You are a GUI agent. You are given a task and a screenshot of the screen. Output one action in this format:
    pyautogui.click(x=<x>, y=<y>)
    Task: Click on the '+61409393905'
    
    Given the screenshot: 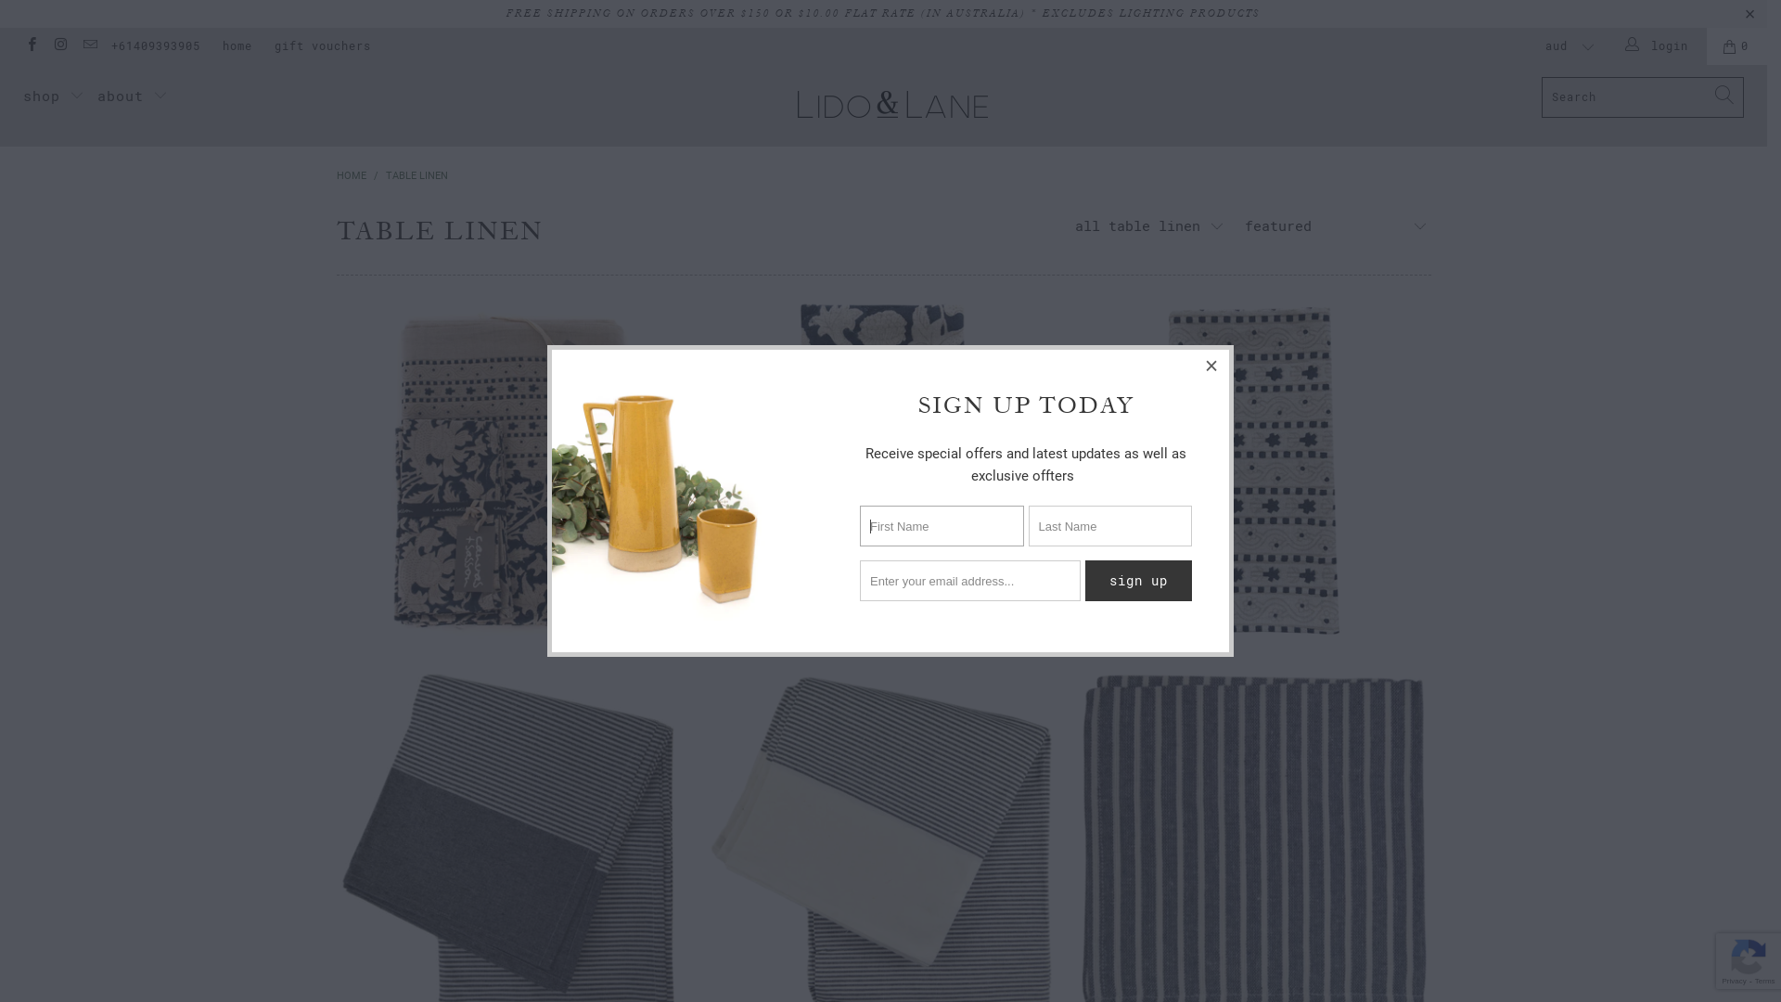 What is the action you would take?
    pyautogui.click(x=156, y=45)
    